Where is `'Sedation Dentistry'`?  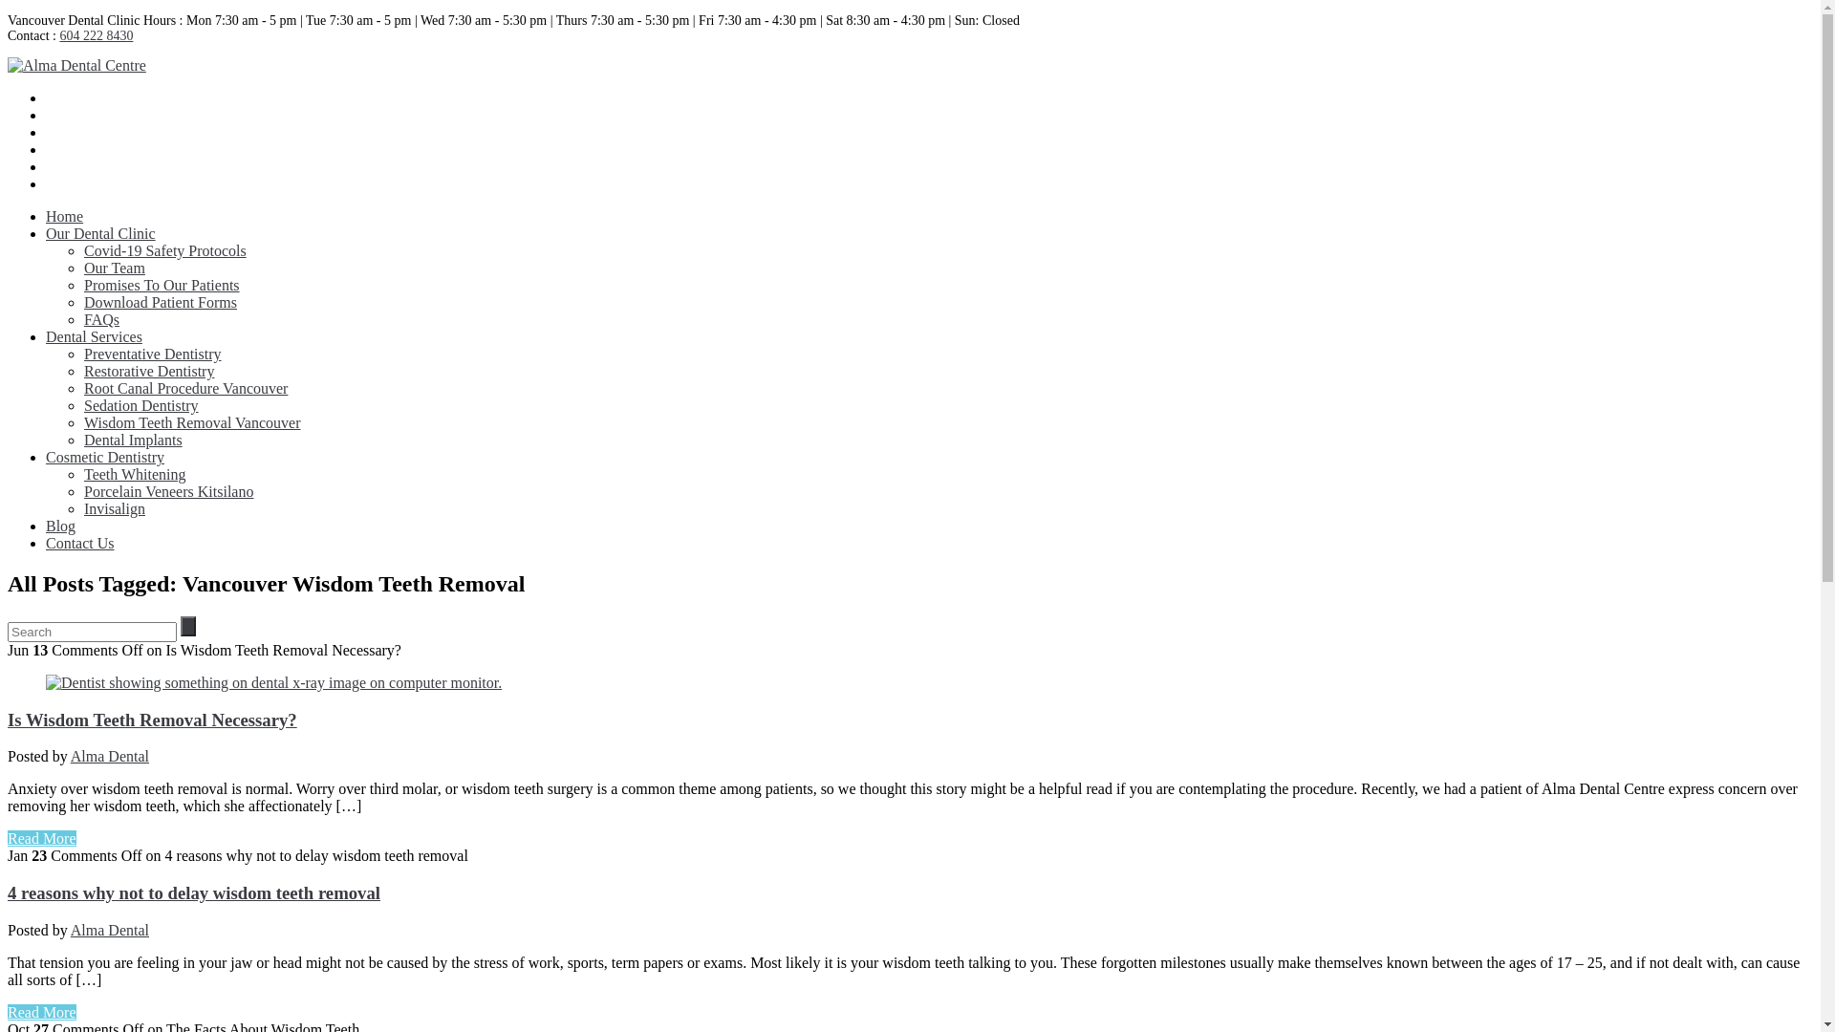 'Sedation Dentistry' is located at coordinates (140, 404).